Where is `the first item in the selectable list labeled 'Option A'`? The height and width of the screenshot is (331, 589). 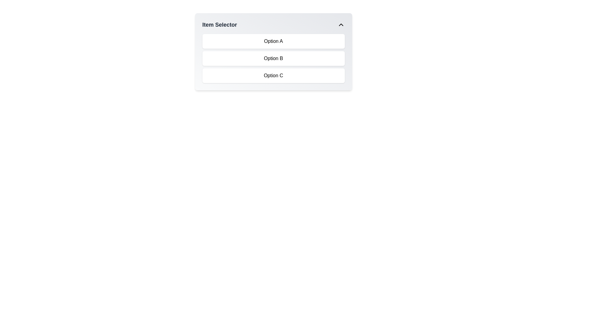 the first item in the selectable list labeled 'Option A' is located at coordinates (273, 41).